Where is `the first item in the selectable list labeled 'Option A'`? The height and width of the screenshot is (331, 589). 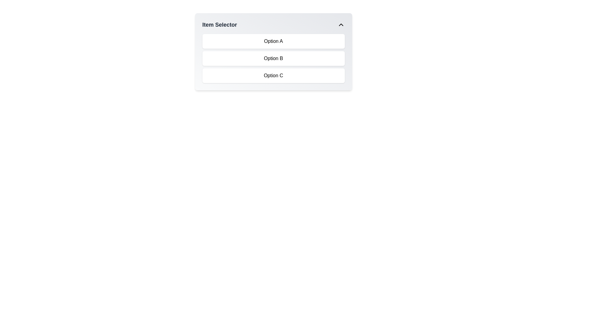 the first item in the selectable list labeled 'Option A' is located at coordinates (273, 41).